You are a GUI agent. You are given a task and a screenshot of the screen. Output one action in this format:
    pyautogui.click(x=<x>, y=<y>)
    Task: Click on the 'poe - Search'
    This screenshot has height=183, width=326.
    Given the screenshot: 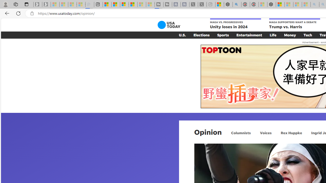 What is the action you would take?
    pyautogui.click(x=237, y=4)
    